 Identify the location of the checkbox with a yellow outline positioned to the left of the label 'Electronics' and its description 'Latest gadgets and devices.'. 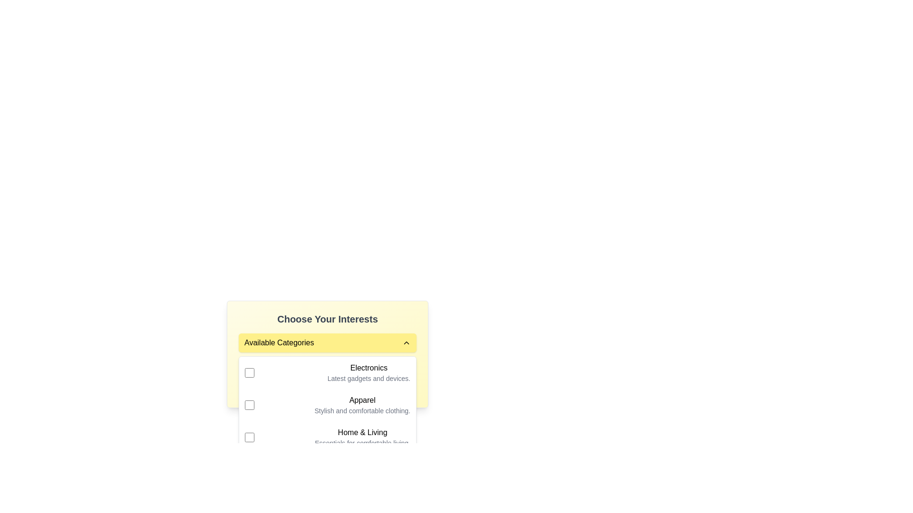
(249, 372).